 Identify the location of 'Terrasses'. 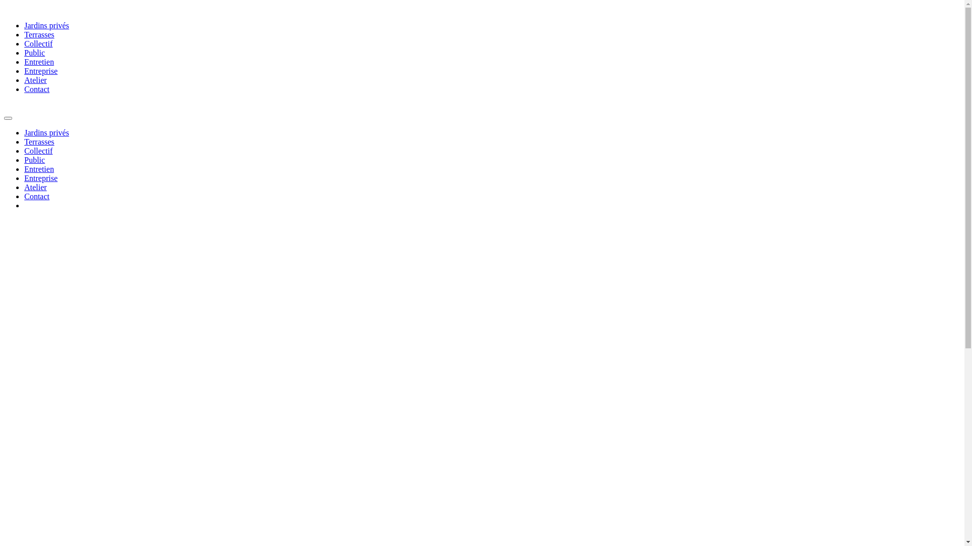
(39, 34).